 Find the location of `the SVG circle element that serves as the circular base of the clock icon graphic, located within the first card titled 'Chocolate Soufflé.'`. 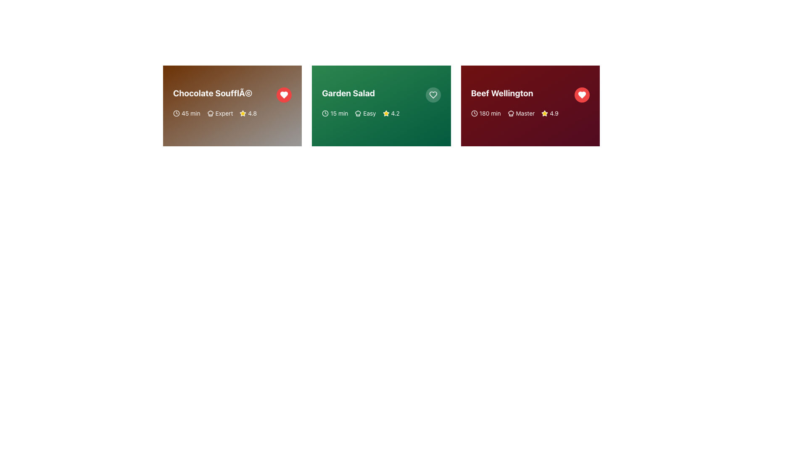

the SVG circle element that serves as the circular base of the clock icon graphic, located within the first card titled 'Chocolate Soufflé.' is located at coordinates (176, 113).